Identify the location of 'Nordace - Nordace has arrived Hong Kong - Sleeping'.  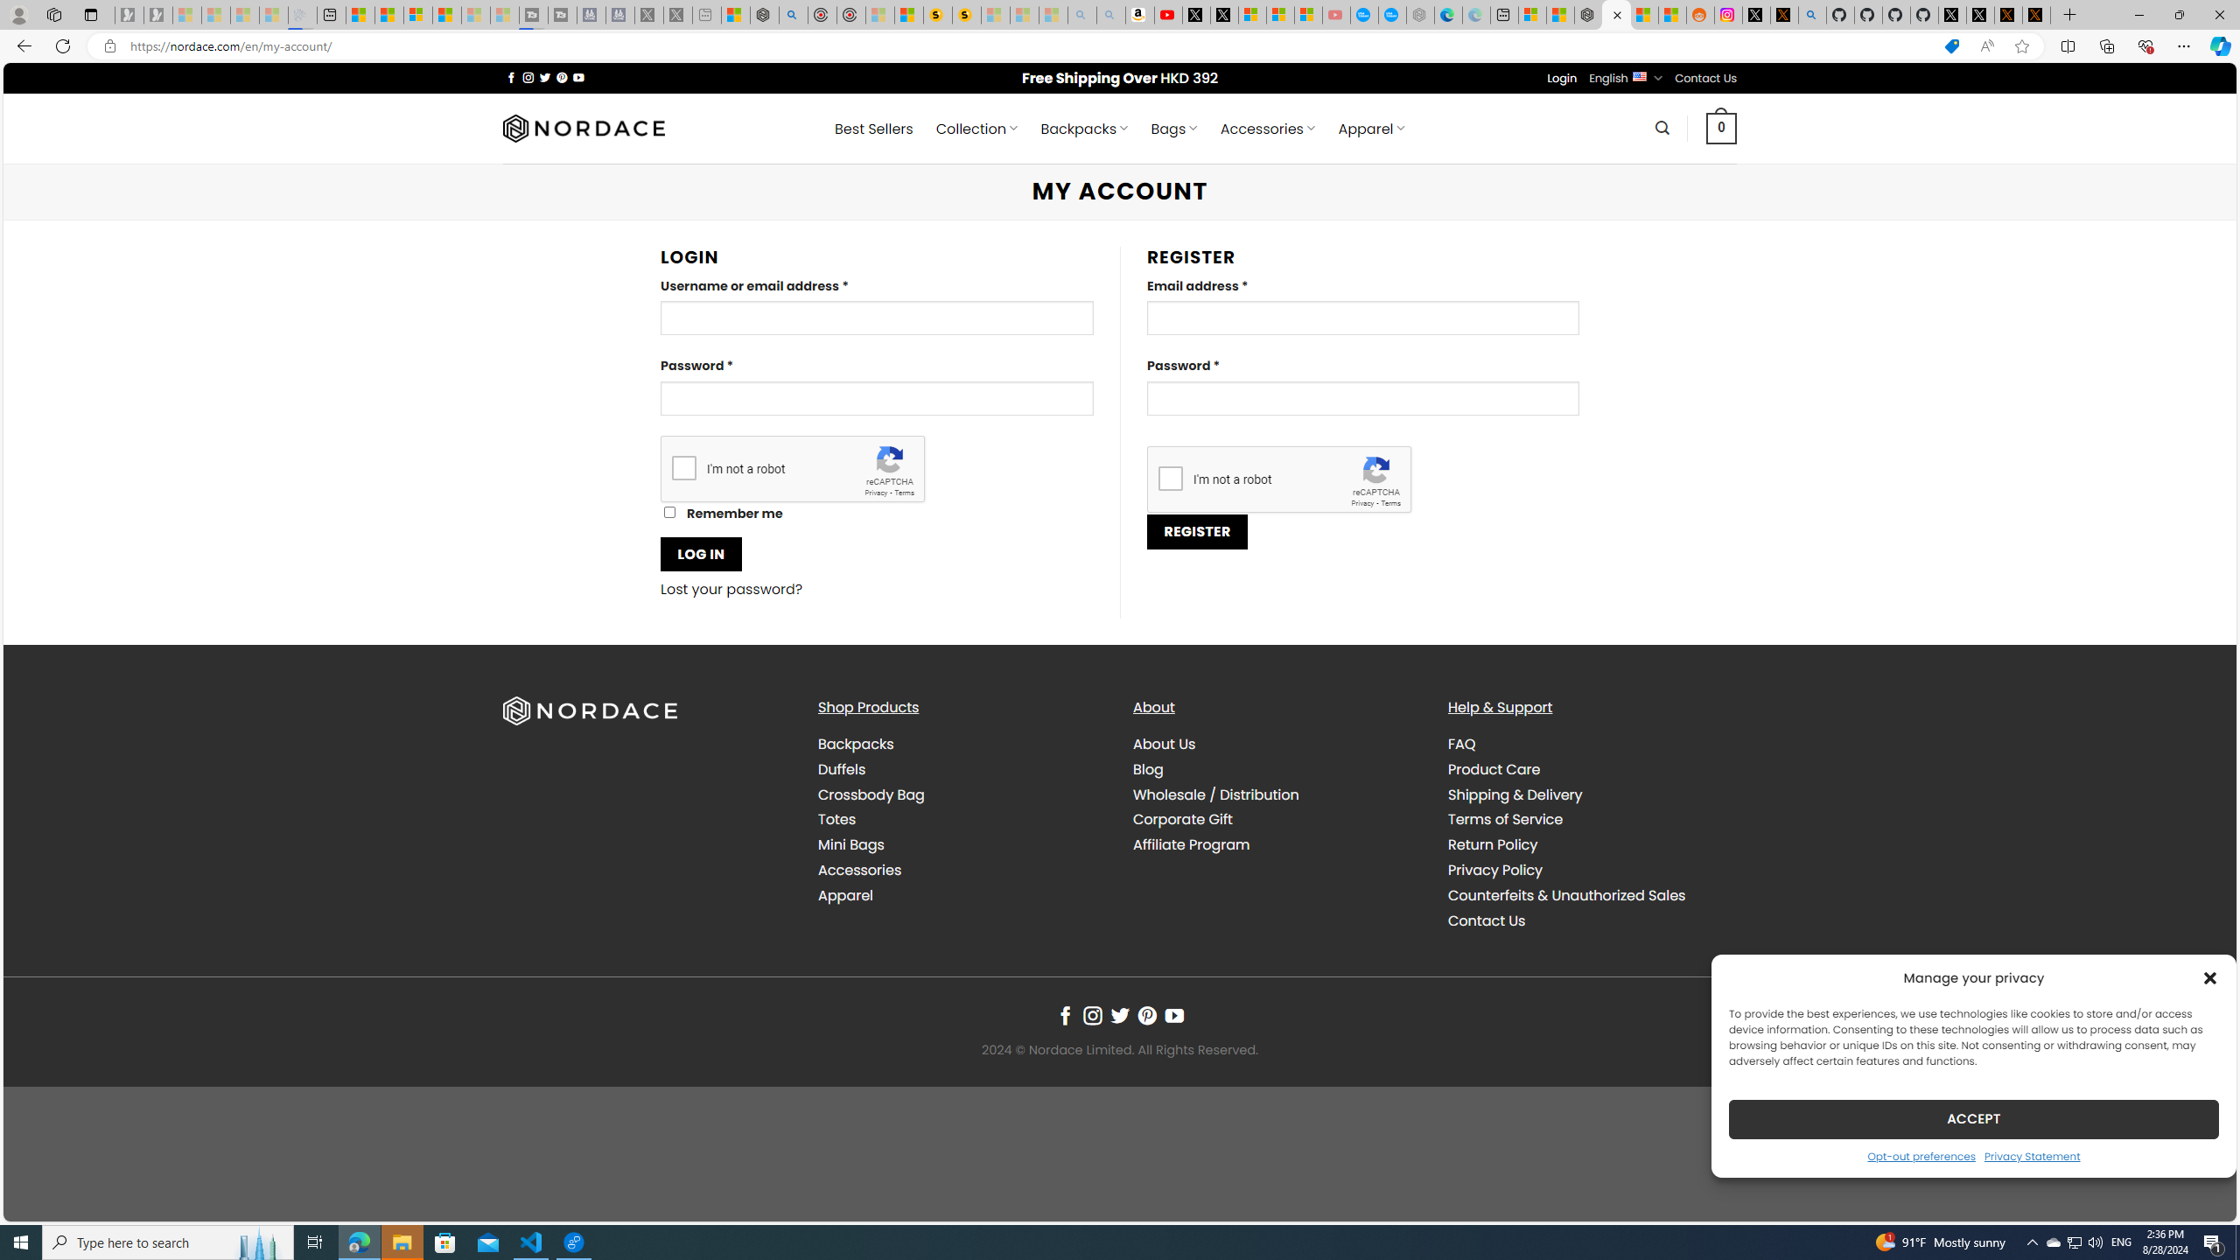
(1420, 14).